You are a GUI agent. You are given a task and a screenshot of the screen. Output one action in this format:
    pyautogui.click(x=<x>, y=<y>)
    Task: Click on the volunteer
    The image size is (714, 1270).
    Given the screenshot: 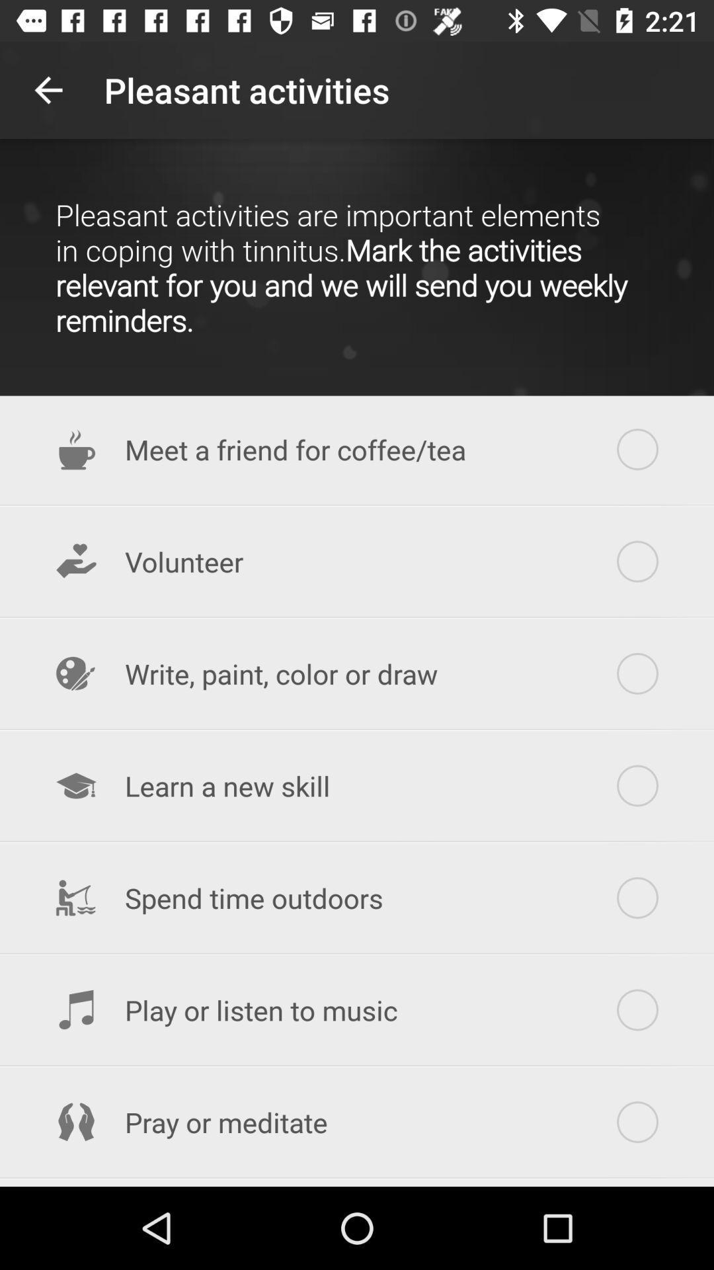 What is the action you would take?
    pyautogui.click(x=357, y=562)
    